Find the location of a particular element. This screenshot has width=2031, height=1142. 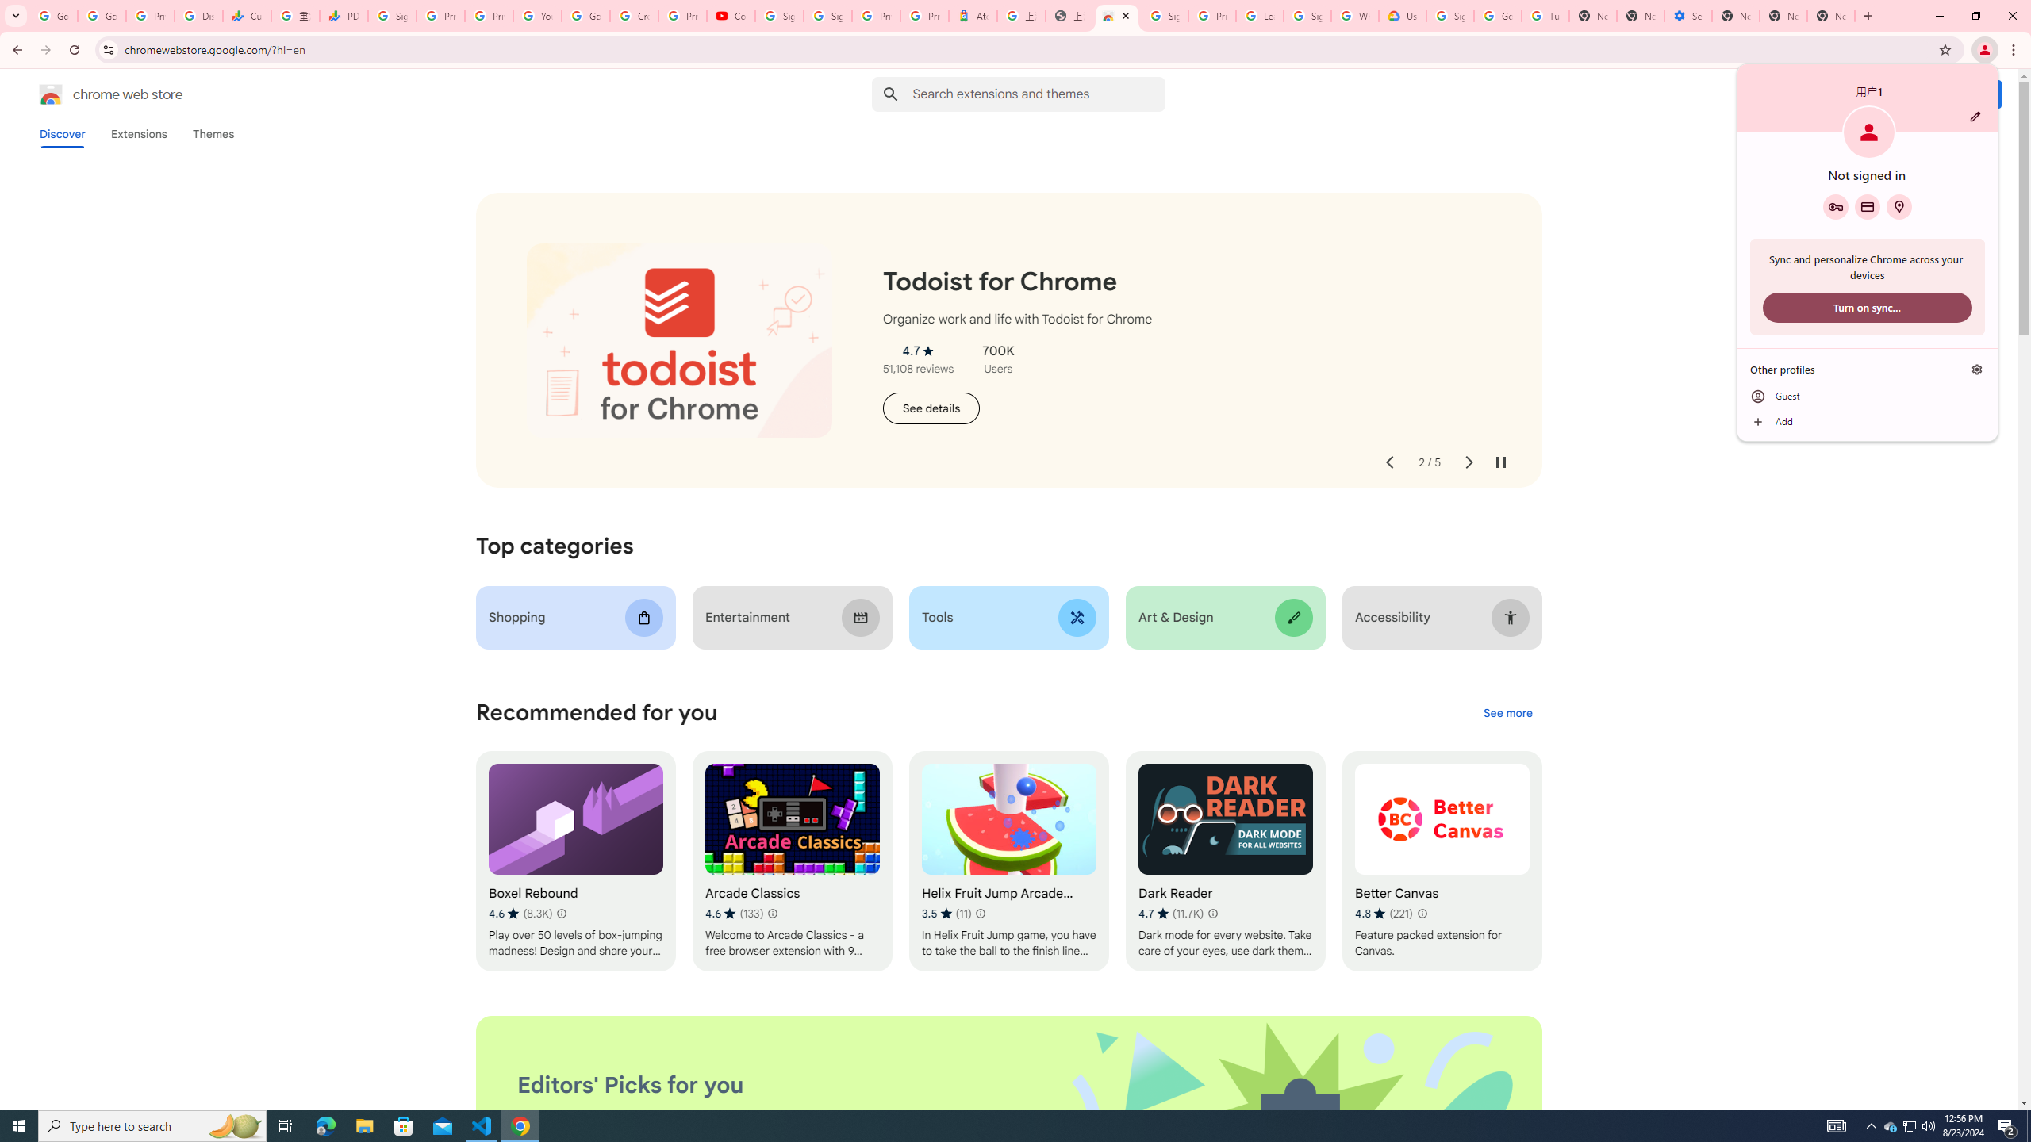

'Payment methods' is located at coordinates (1866, 206).